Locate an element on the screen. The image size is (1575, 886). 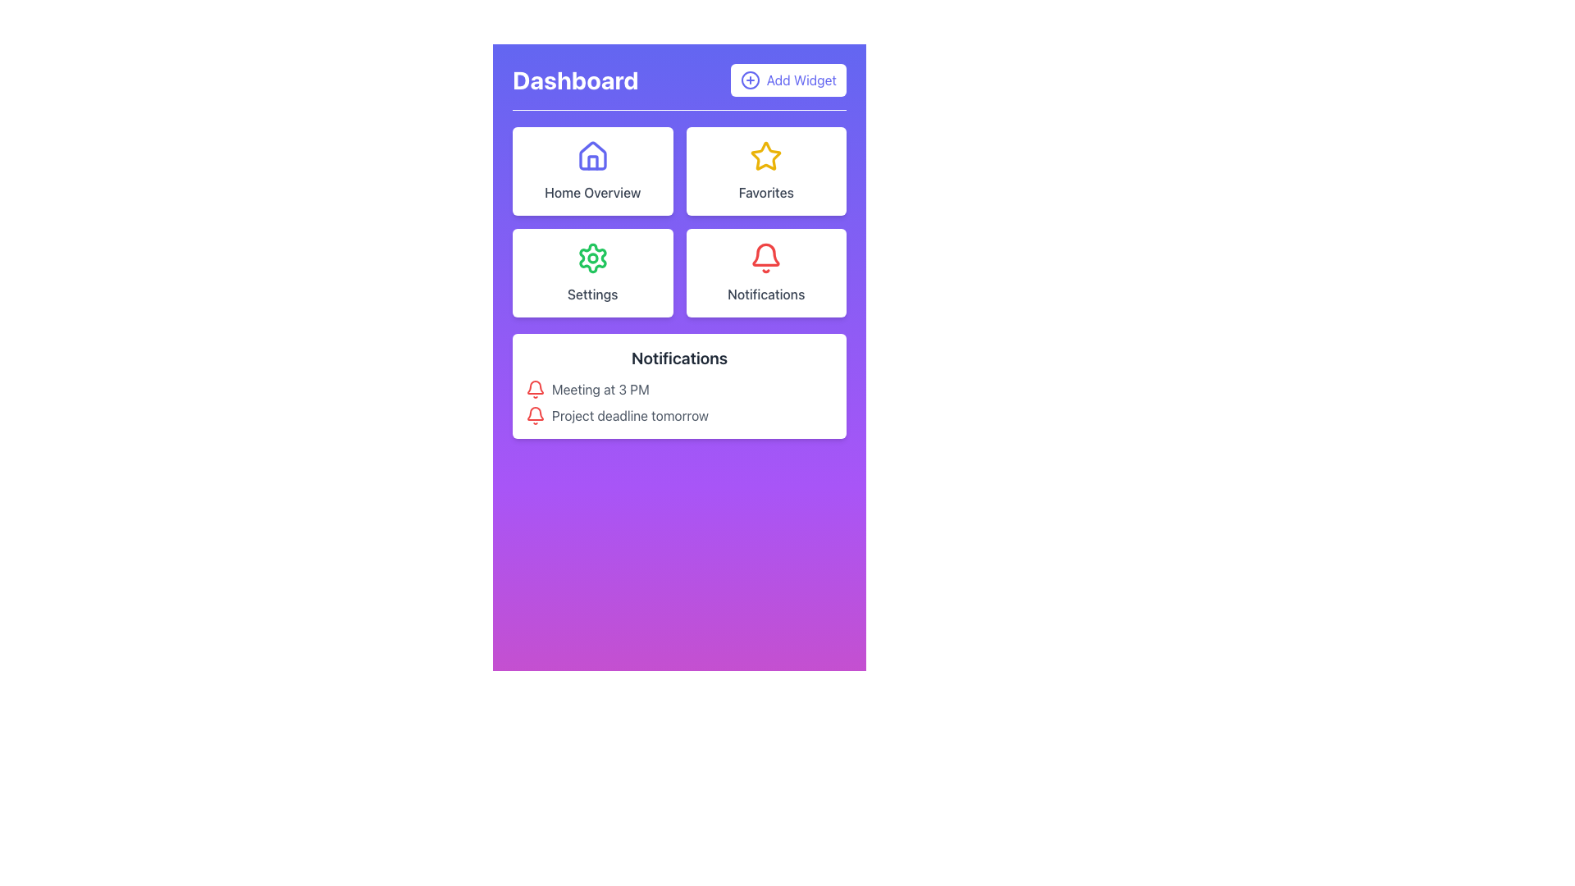
the 'Notifications' text label located at the bottom of a card interface, centered horizontally below the bell icon is located at coordinates (765, 293).